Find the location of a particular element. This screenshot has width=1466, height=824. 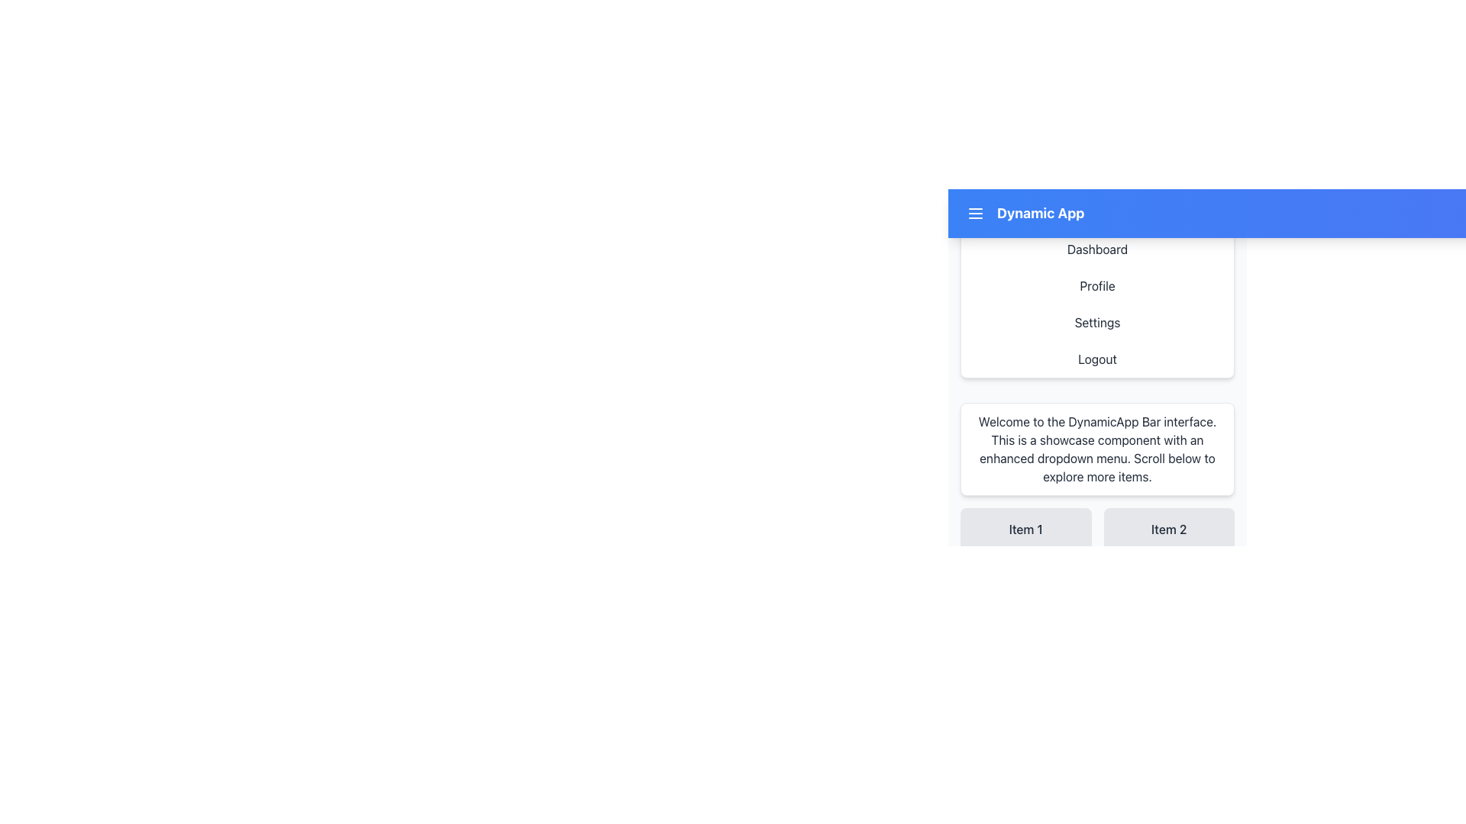

the standard UI block component located at the top-left corner of the grid layout, positioned directly to the left of 'Item 2' is located at coordinates (1025, 529).